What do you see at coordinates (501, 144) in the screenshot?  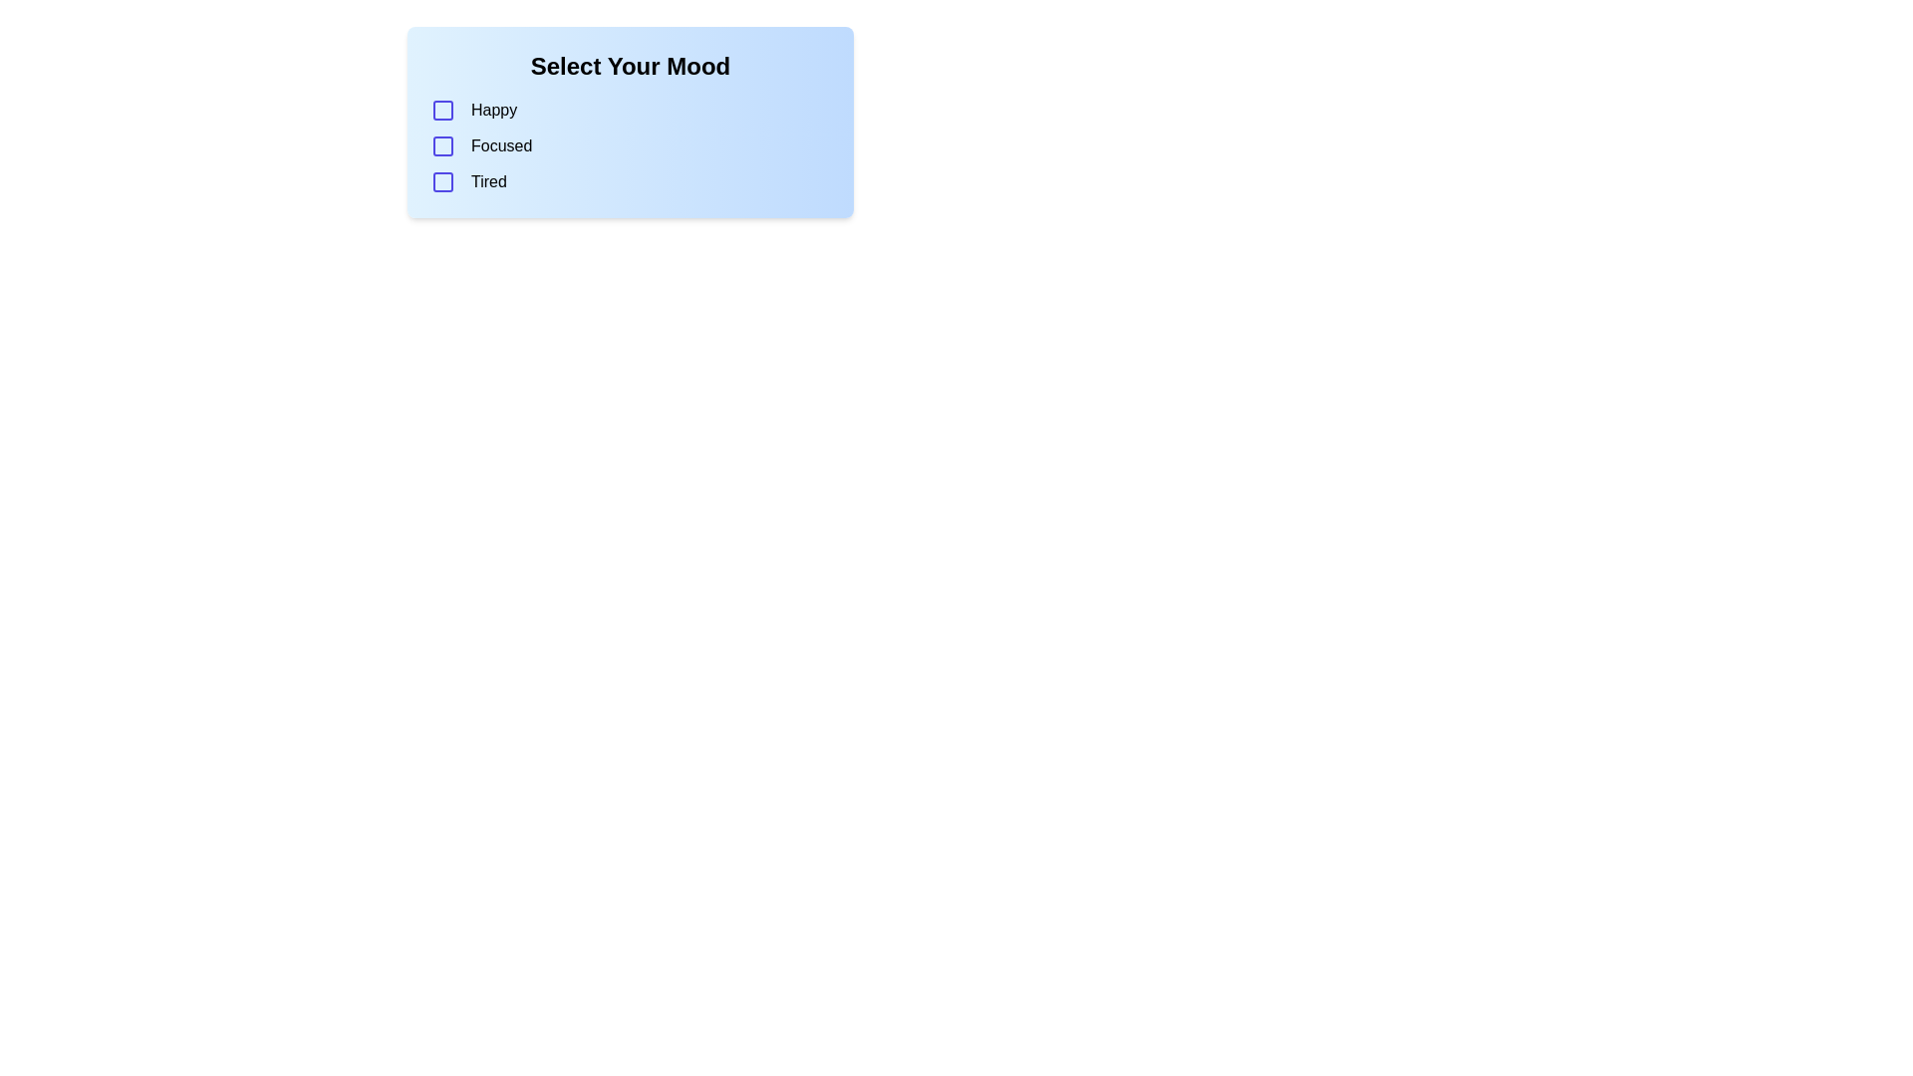 I see `the Text Label that describes the second mood choice (Focused) in the vertical list of mood options, which is positioned to the right of its associated checkbox` at bounding box center [501, 144].